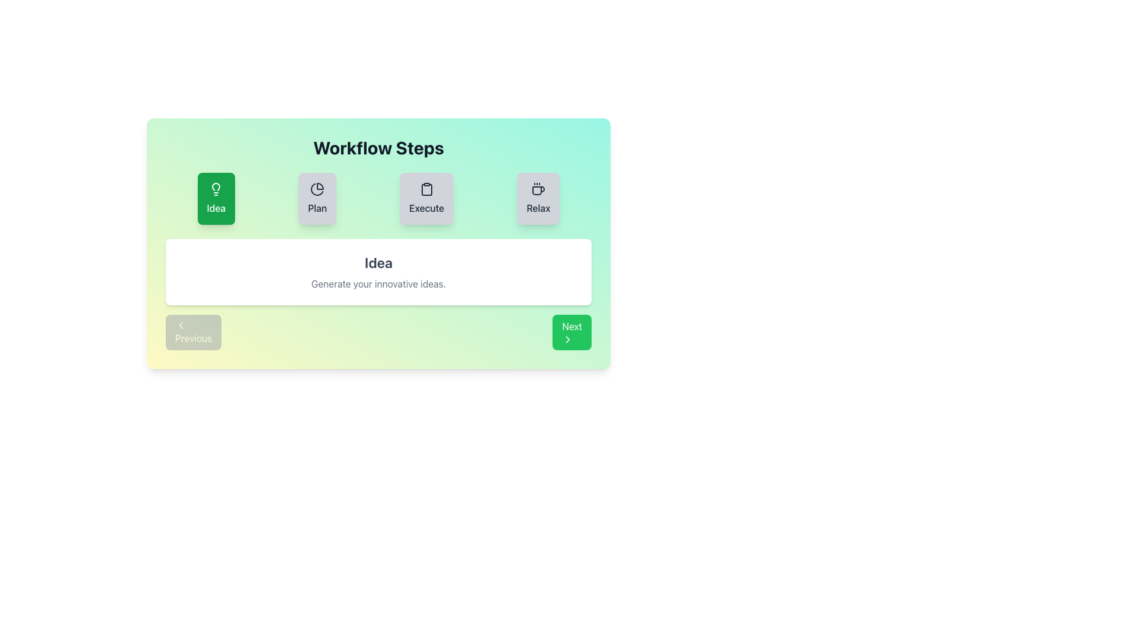  What do you see at coordinates (216, 198) in the screenshot?
I see `the leftmost button labeled 'Idea' in the workflow step indicator` at bounding box center [216, 198].